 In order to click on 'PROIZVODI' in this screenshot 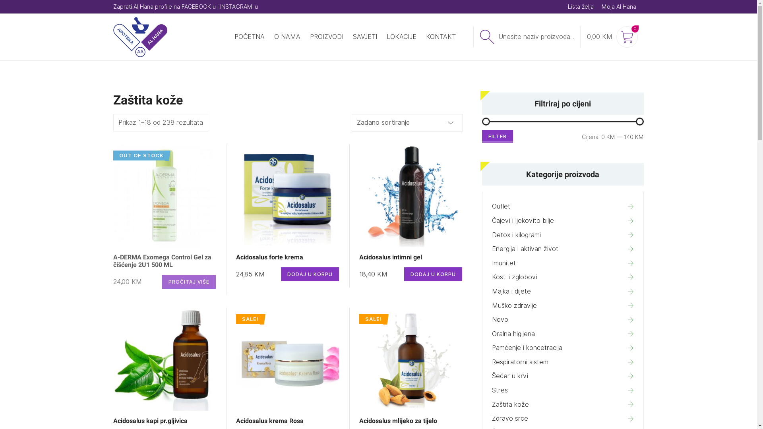, I will do `click(326, 37)`.